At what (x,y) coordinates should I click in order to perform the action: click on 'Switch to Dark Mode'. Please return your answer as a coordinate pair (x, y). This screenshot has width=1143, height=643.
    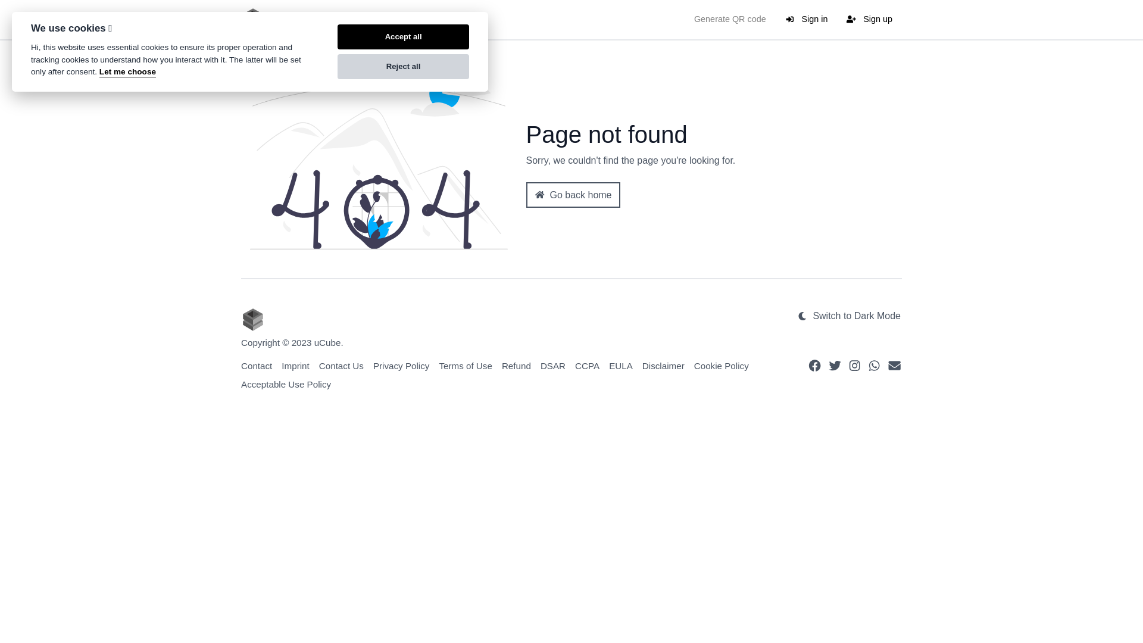
    Looking at the image, I should click on (848, 316).